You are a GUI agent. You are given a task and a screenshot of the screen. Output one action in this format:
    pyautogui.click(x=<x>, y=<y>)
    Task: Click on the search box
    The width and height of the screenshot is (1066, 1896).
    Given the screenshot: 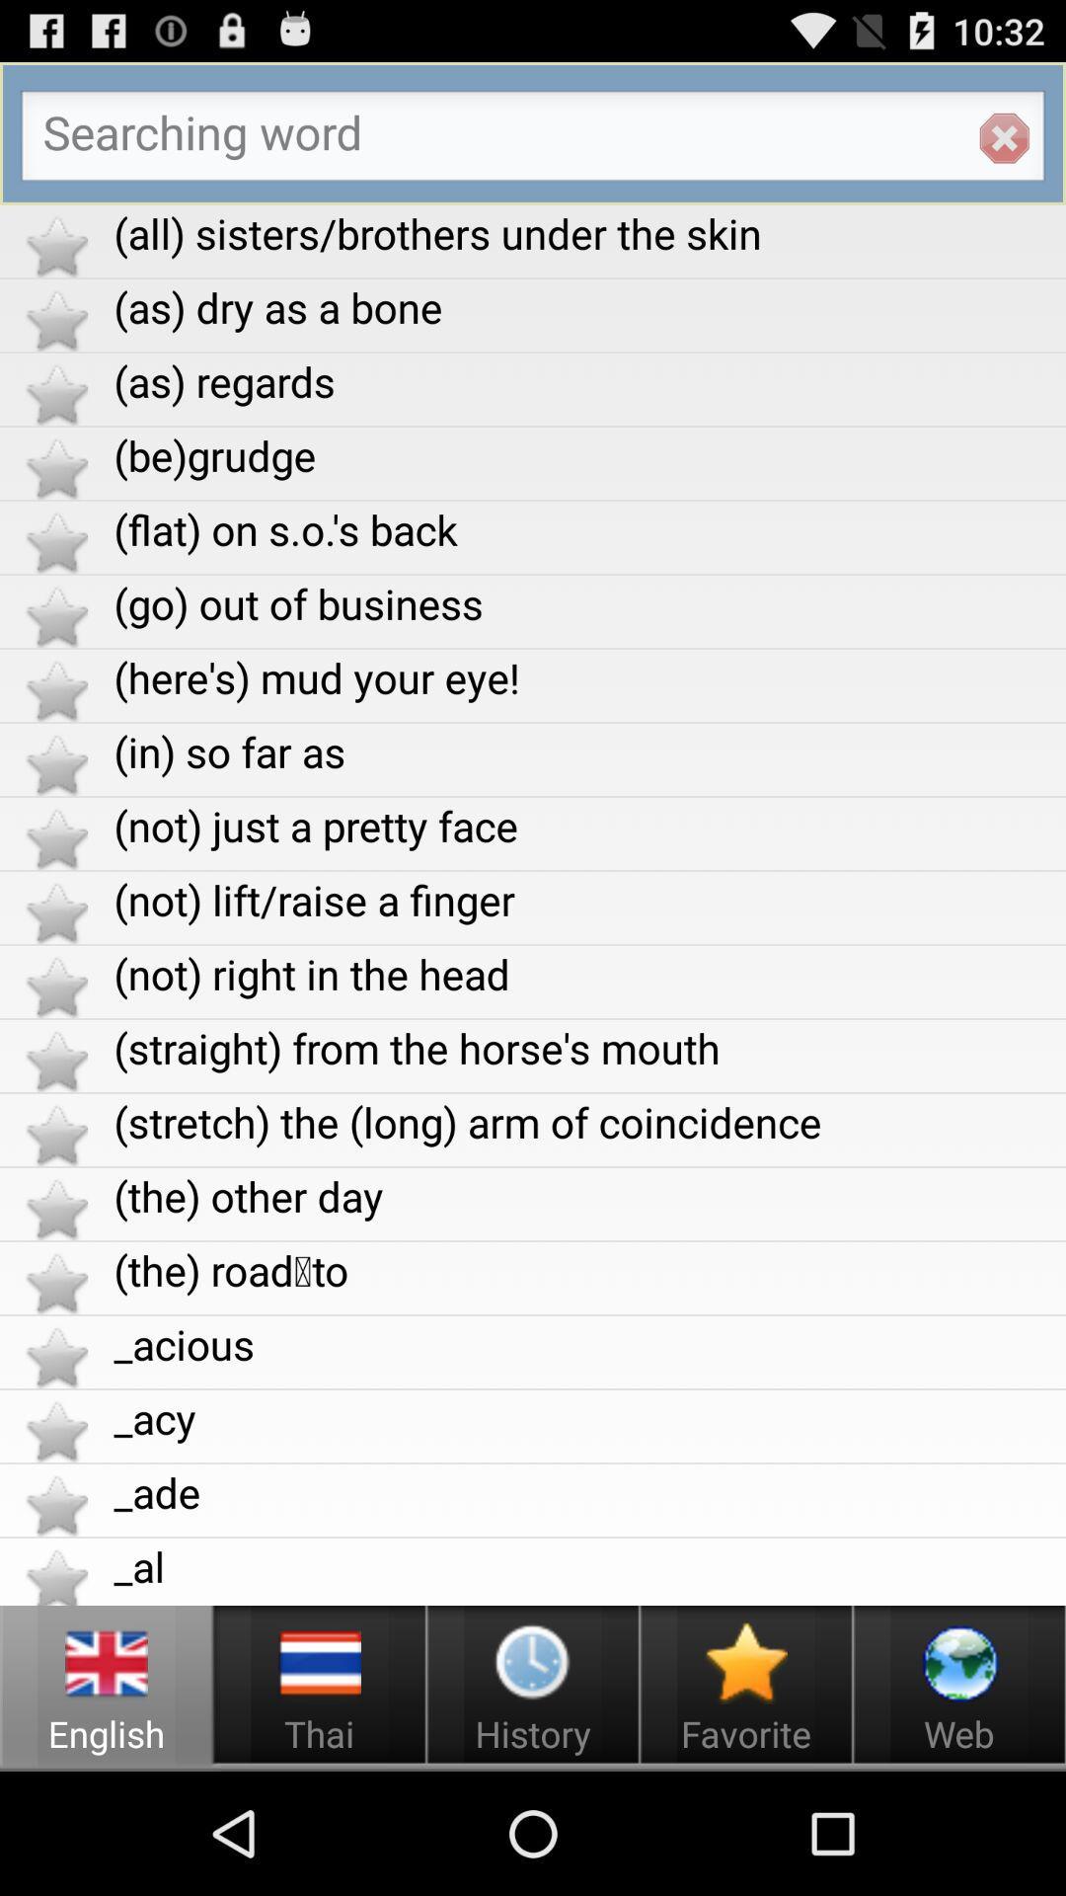 What is the action you would take?
    pyautogui.click(x=533, y=139)
    